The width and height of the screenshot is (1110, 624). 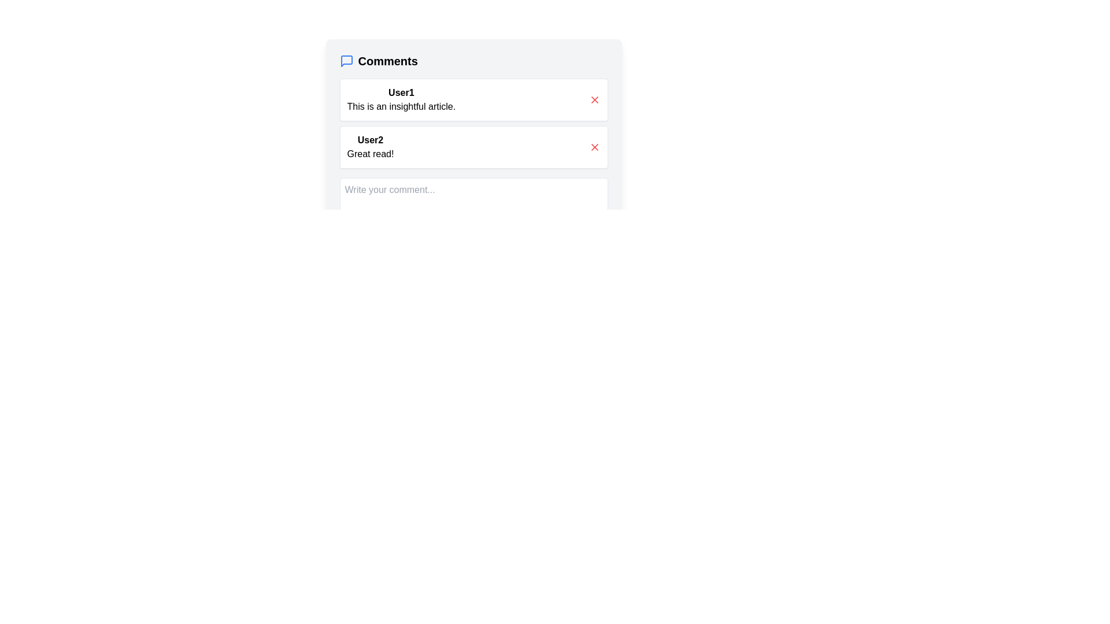 I want to click on the chat bubble icon located to the far left of the 'Comments' text at the top of the comments section, so click(x=346, y=61).